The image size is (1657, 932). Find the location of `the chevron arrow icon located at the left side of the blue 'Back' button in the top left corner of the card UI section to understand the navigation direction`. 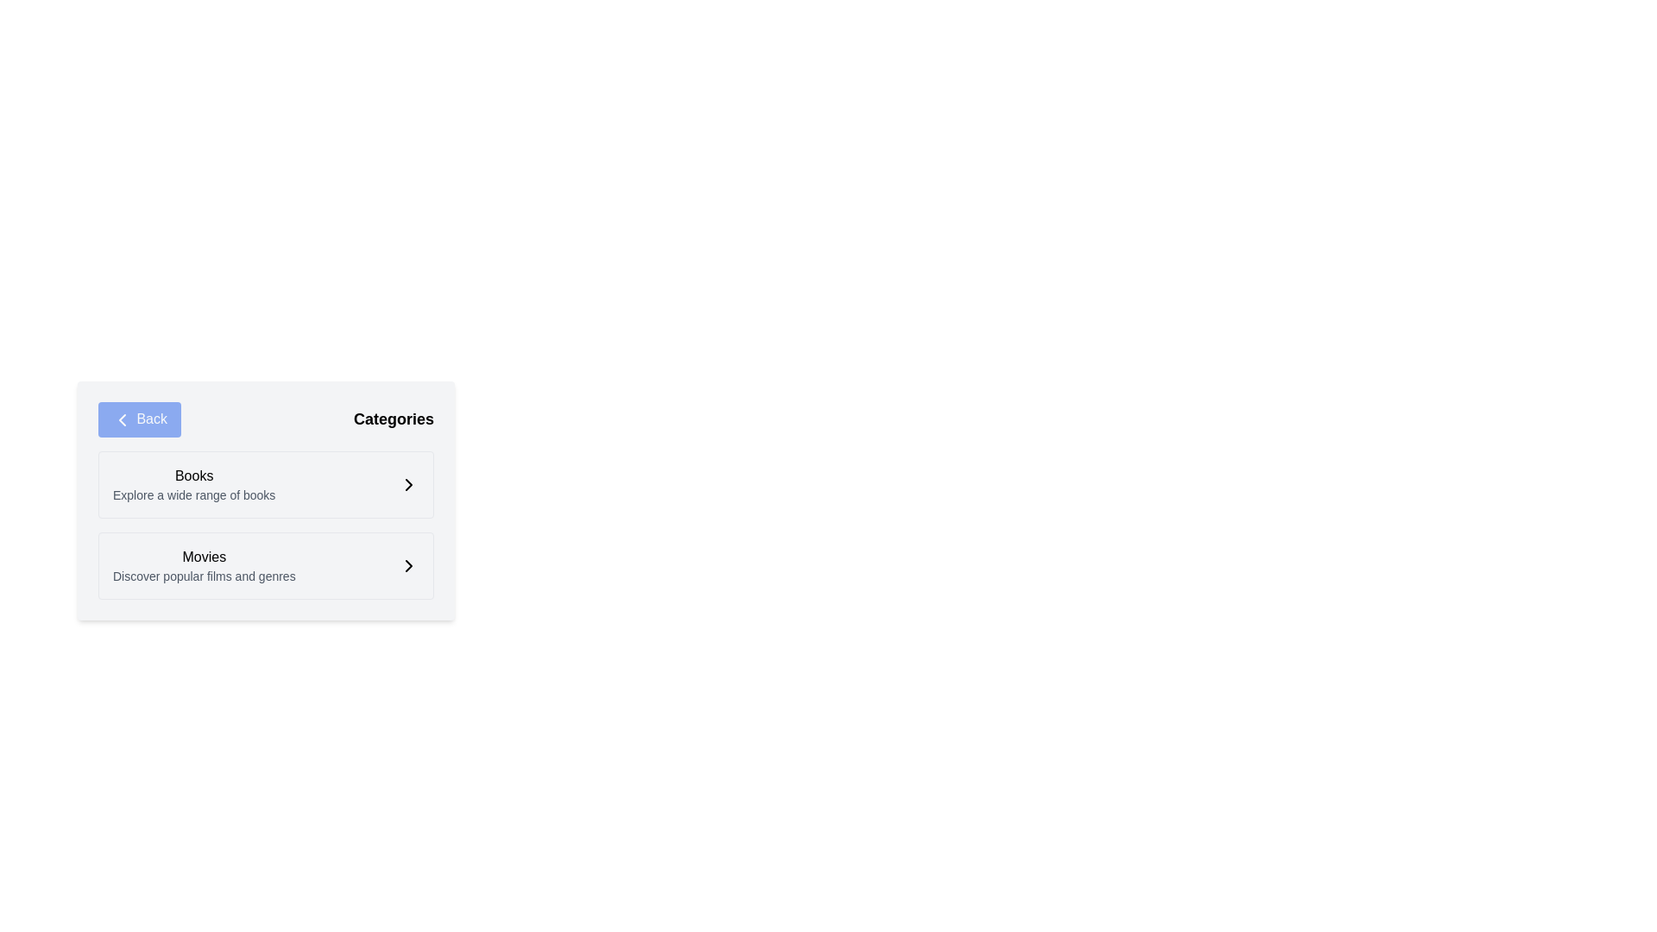

the chevron arrow icon located at the left side of the blue 'Back' button in the top left corner of the card UI section to understand the navigation direction is located at coordinates (122, 419).